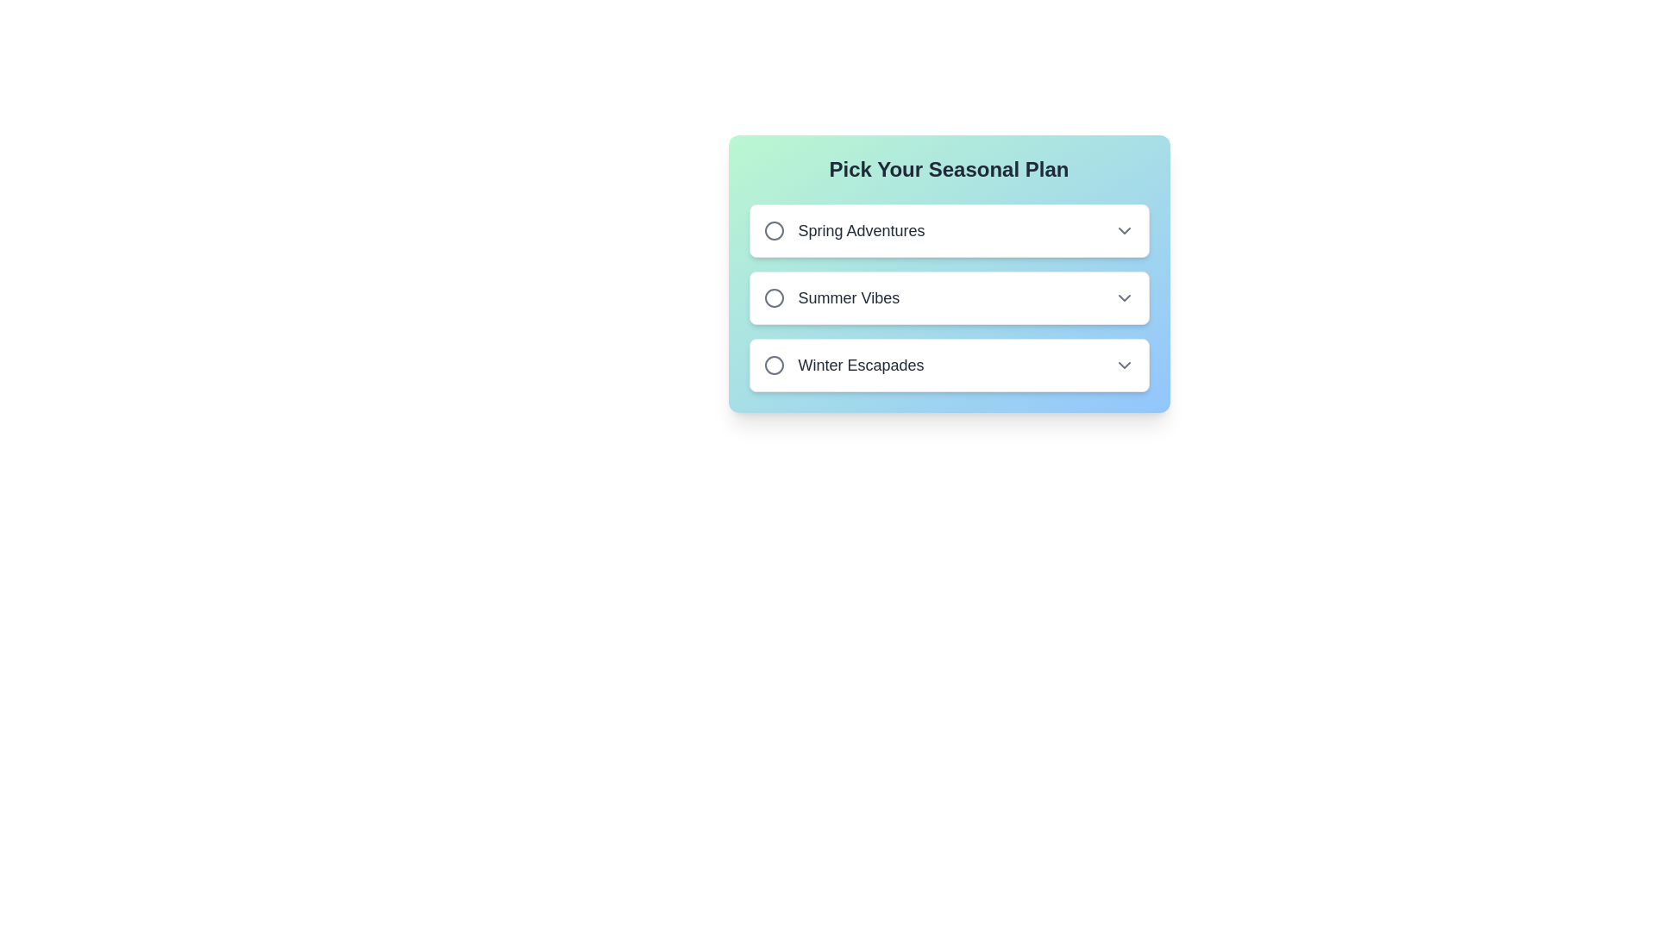 Image resolution: width=1656 pixels, height=931 pixels. I want to click on the circular radio button indicator for the 'Spring Adventures' option, so click(773, 229).